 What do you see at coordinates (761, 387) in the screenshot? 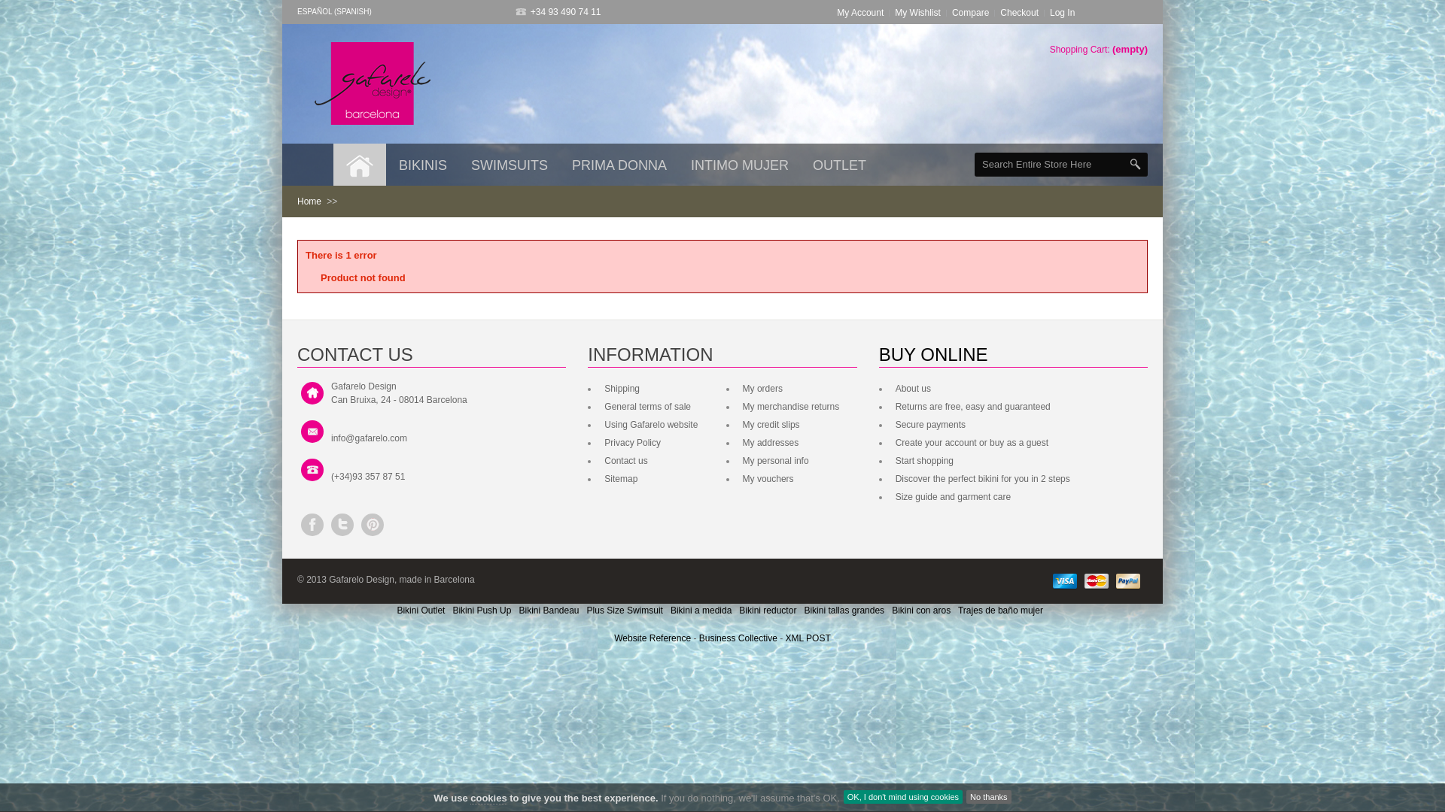
I see `'My orders'` at bounding box center [761, 387].